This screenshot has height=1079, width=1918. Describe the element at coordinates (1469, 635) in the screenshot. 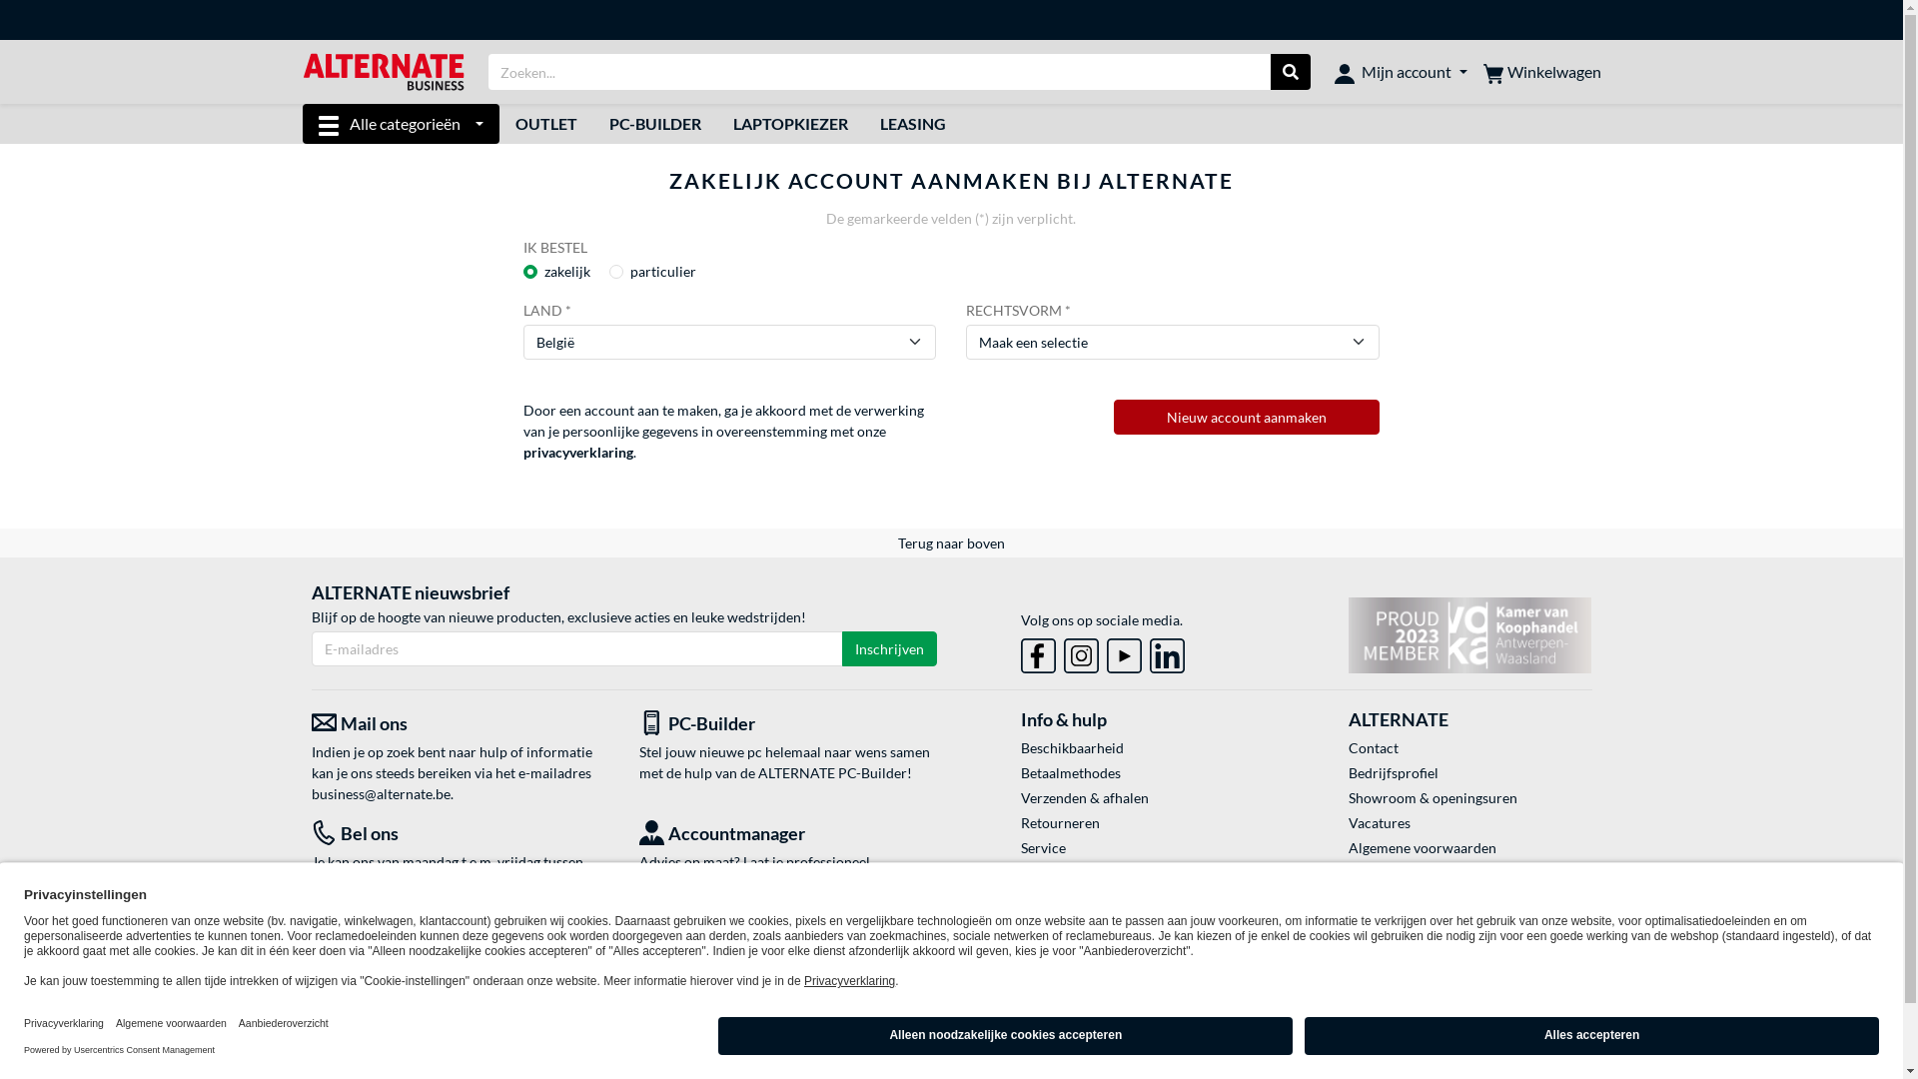

I see `'Voka'` at that location.